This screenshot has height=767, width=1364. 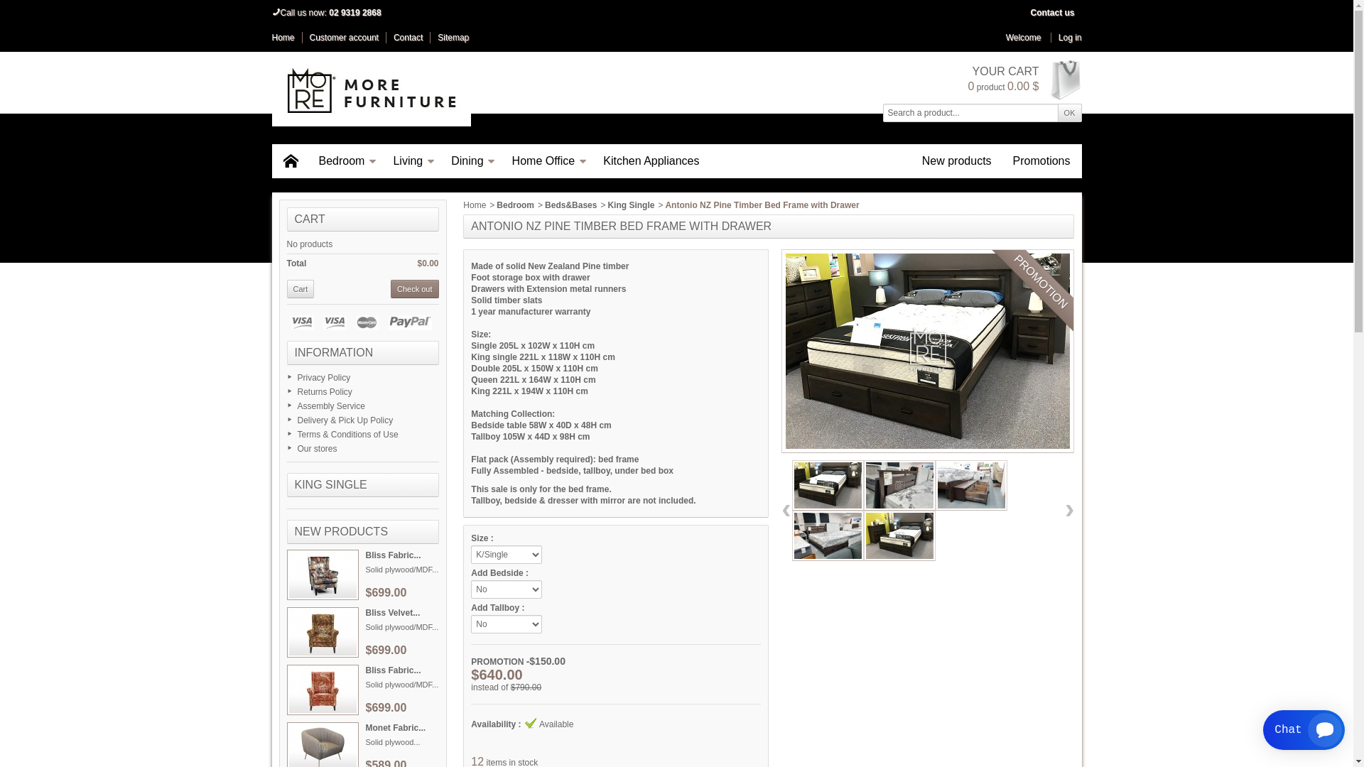 I want to click on 'Our stores', so click(x=316, y=449).